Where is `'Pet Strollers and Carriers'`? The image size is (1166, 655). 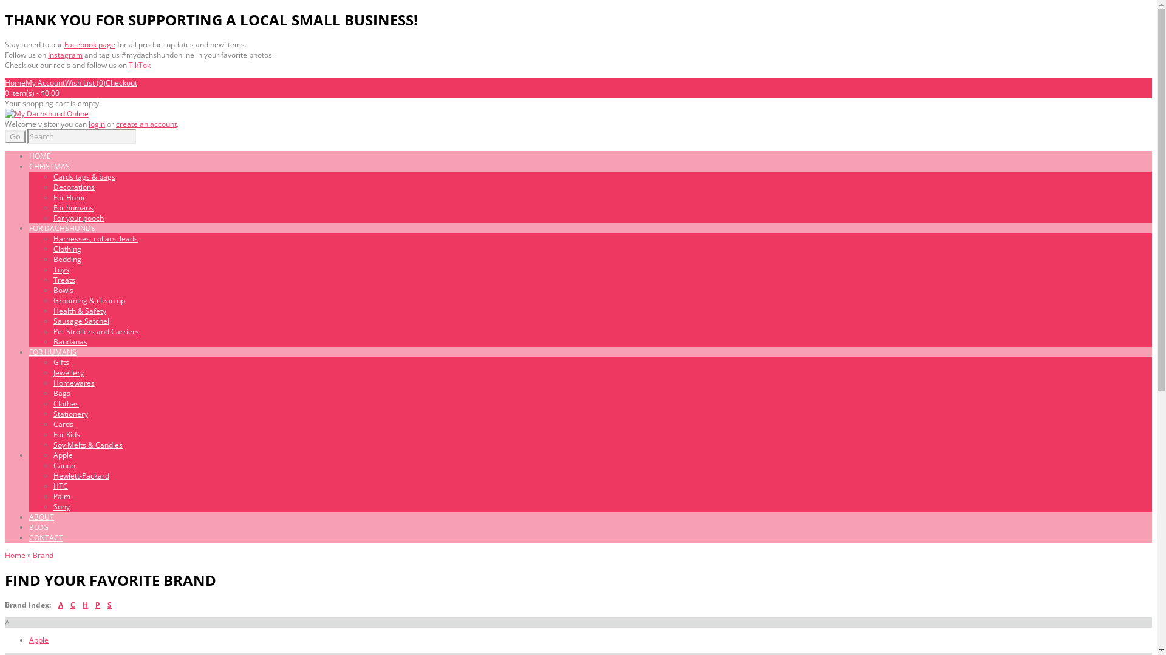 'Pet Strollers and Carriers' is located at coordinates (95, 331).